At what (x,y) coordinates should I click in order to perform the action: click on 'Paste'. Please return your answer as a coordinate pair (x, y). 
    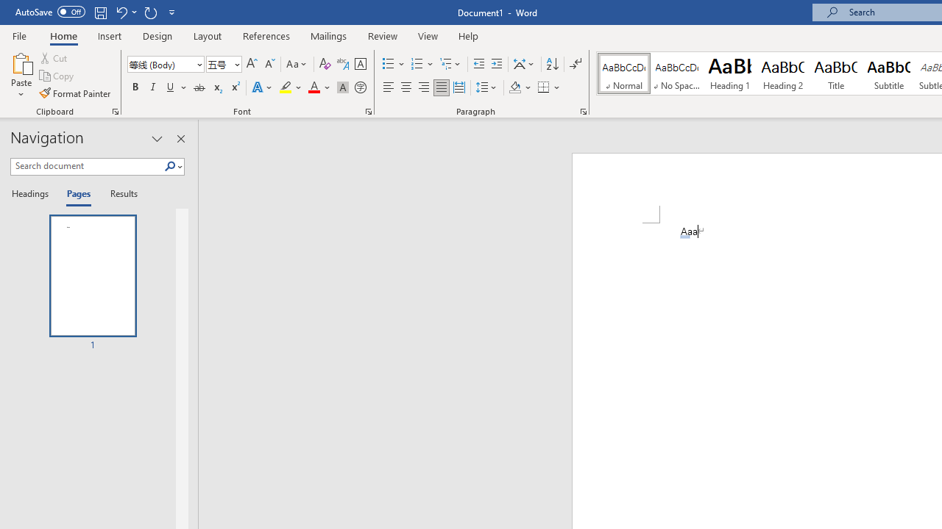
    Looking at the image, I should click on (21, 62).